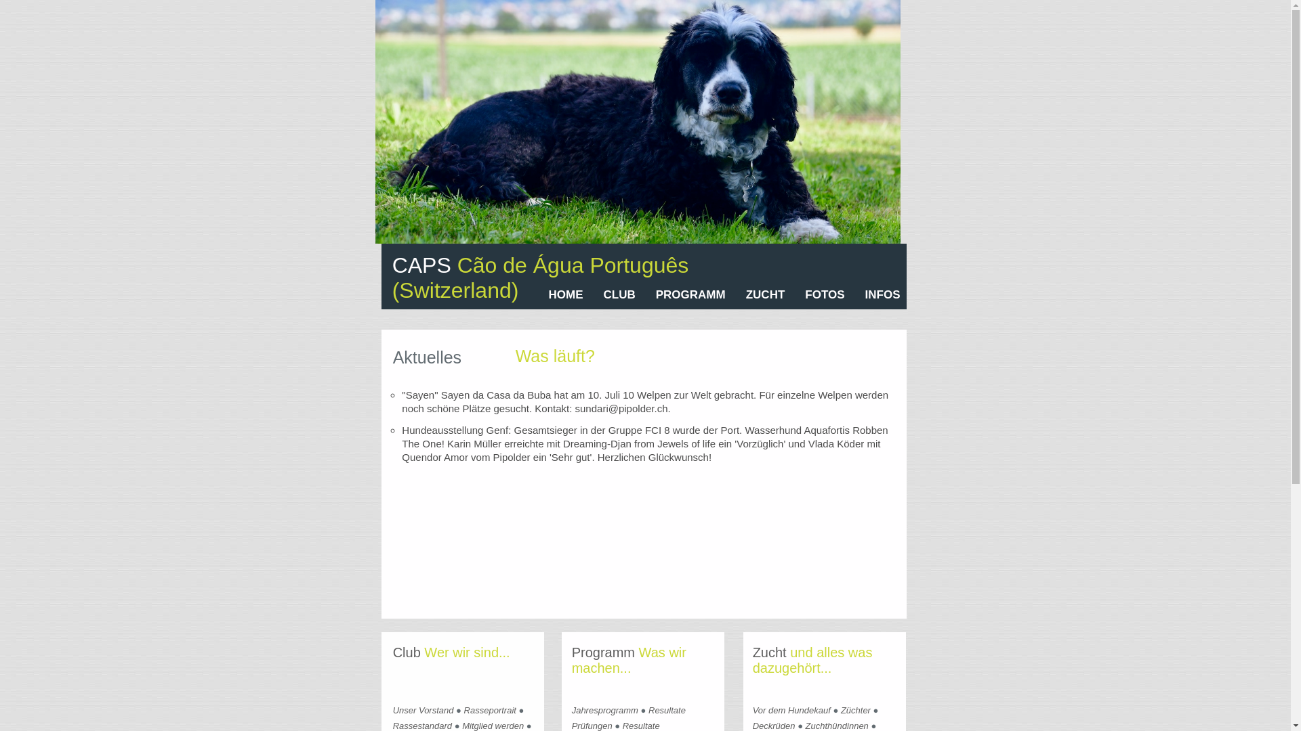 This screenshot has height=731, width=1301. Describe the element at coordinates (619, 294) in the screenshot. I see `'CLUB'` at that location.